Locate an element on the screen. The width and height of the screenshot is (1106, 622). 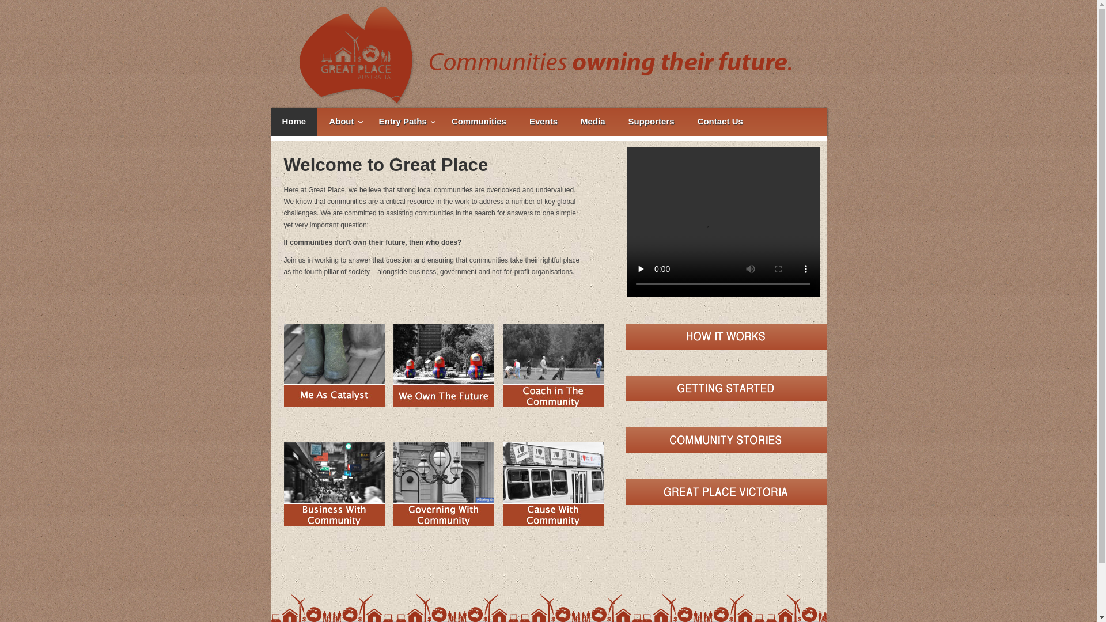
'Events' is located at coordinates (543, 122).